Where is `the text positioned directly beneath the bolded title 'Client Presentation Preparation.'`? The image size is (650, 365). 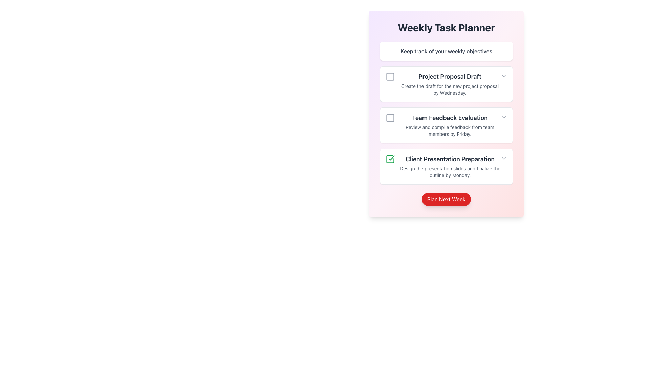 the text positioned directly beneath the bolded title 'Client Presentation Preparation.' is located at coordinates (450, 172).